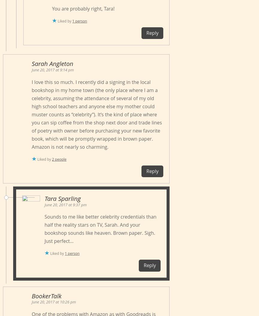 This screenshot has width=259, height=316. I want to click on 'Sounds to me like better celebrity credentials than half the reality stars on TV, Sarah. And your bookshop sounds like heaven. Brown paper. Sigh. Just perfect…', so click(100, 229).